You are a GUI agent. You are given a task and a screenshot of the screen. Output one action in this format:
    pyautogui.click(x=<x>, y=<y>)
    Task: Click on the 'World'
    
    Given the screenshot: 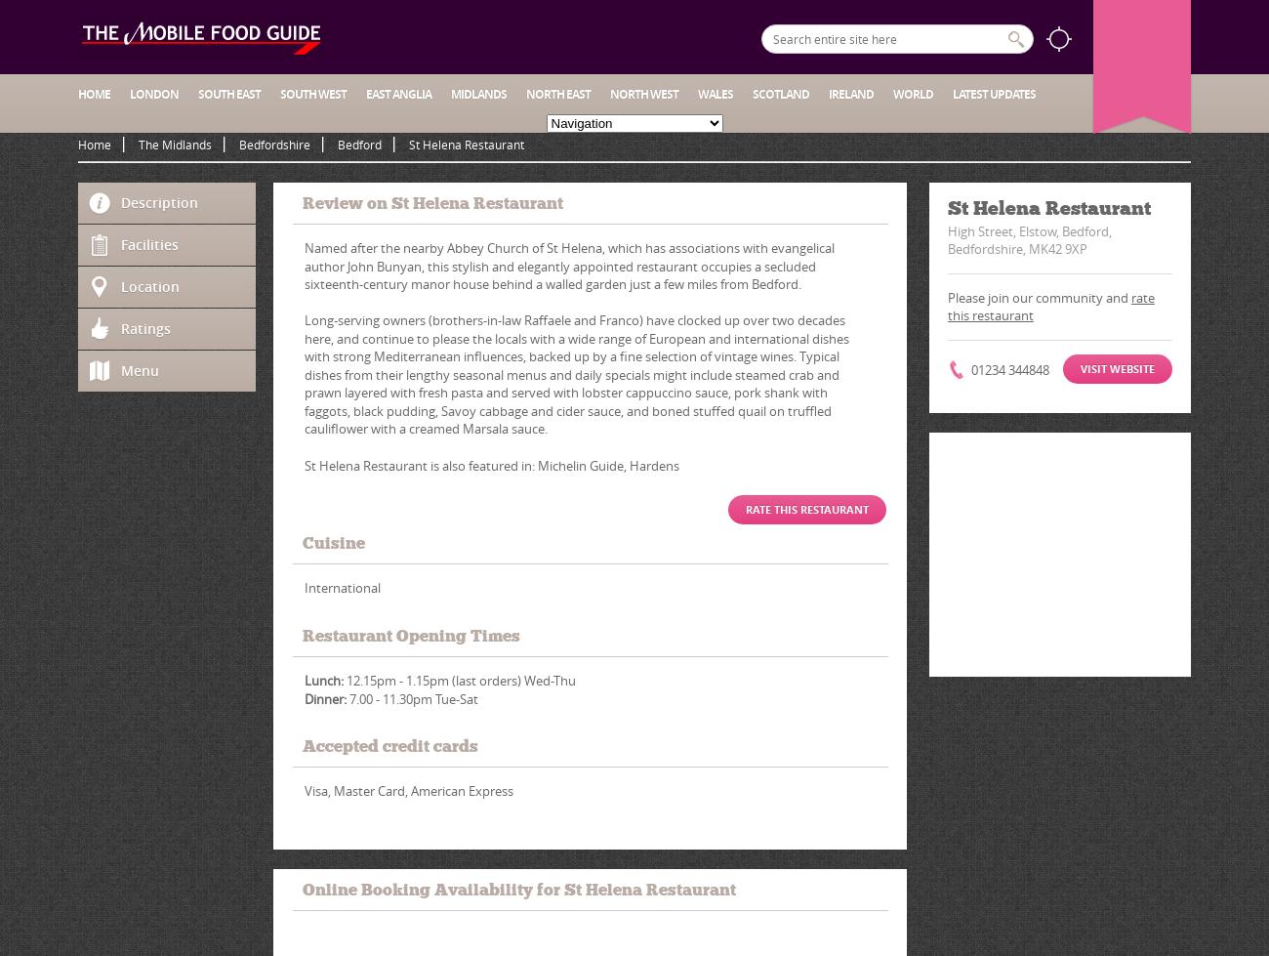 What is the action you would take?
    pyautogui.click(x=913, y=94)
    